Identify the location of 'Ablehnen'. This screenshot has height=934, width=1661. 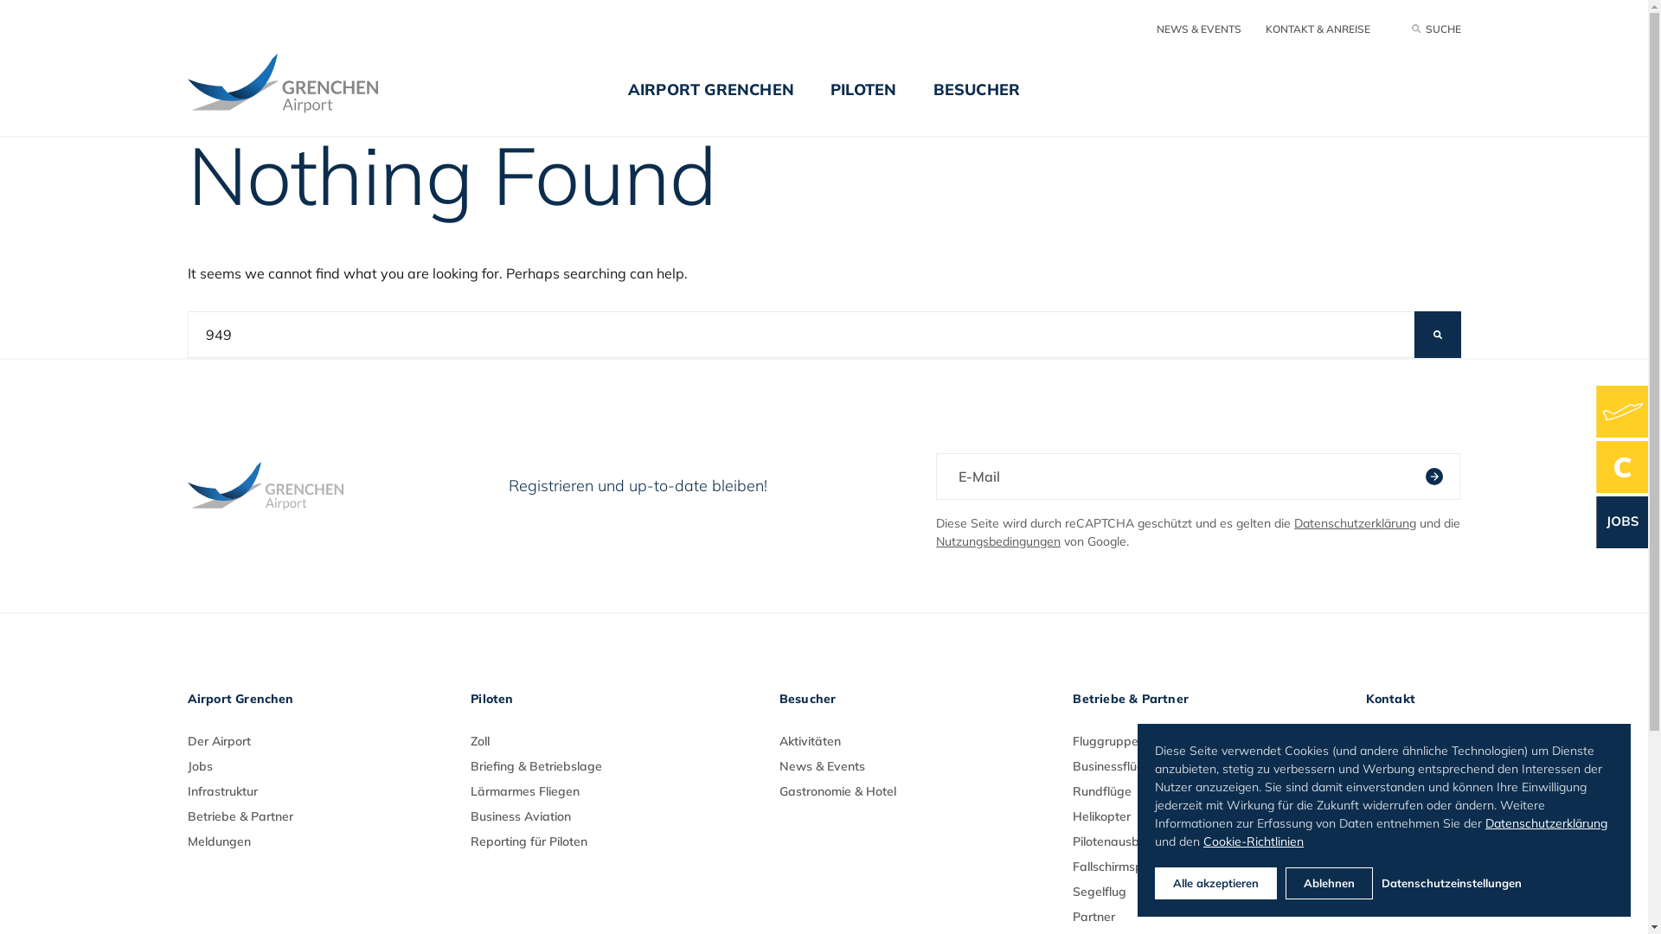
(1328, 883).